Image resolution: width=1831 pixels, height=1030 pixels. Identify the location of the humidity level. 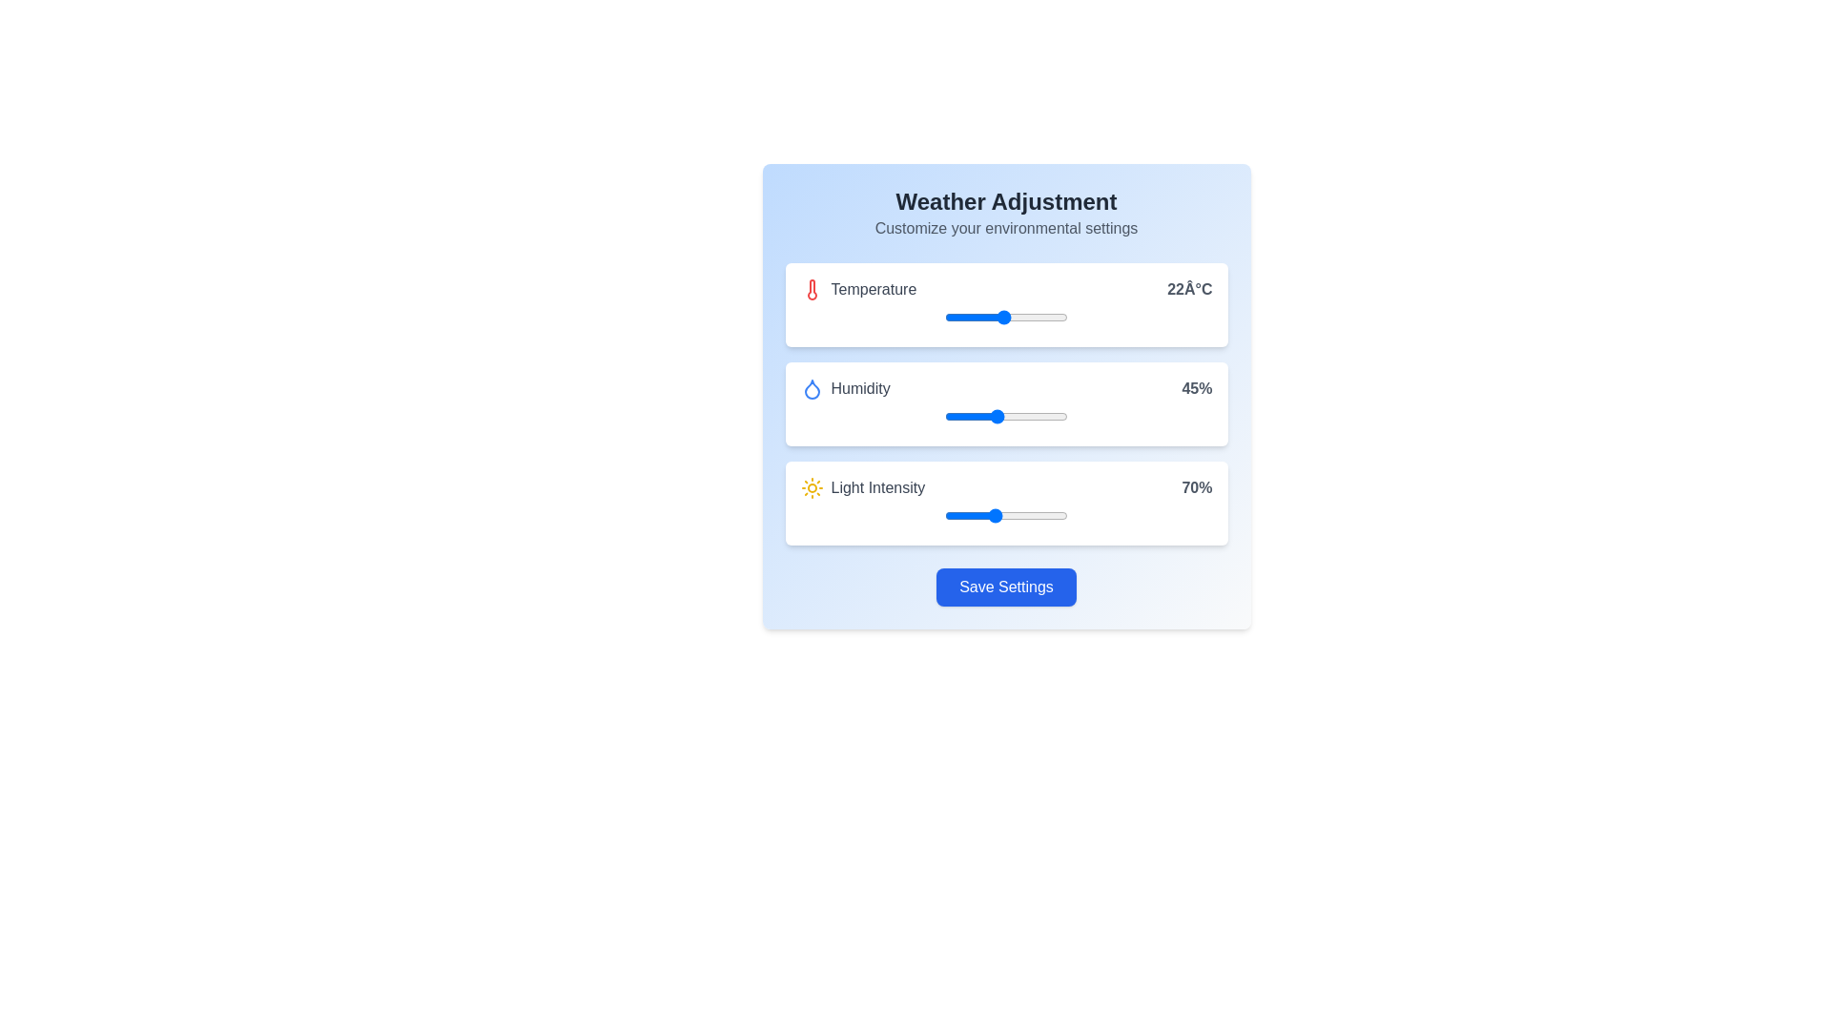
(1044, 415).